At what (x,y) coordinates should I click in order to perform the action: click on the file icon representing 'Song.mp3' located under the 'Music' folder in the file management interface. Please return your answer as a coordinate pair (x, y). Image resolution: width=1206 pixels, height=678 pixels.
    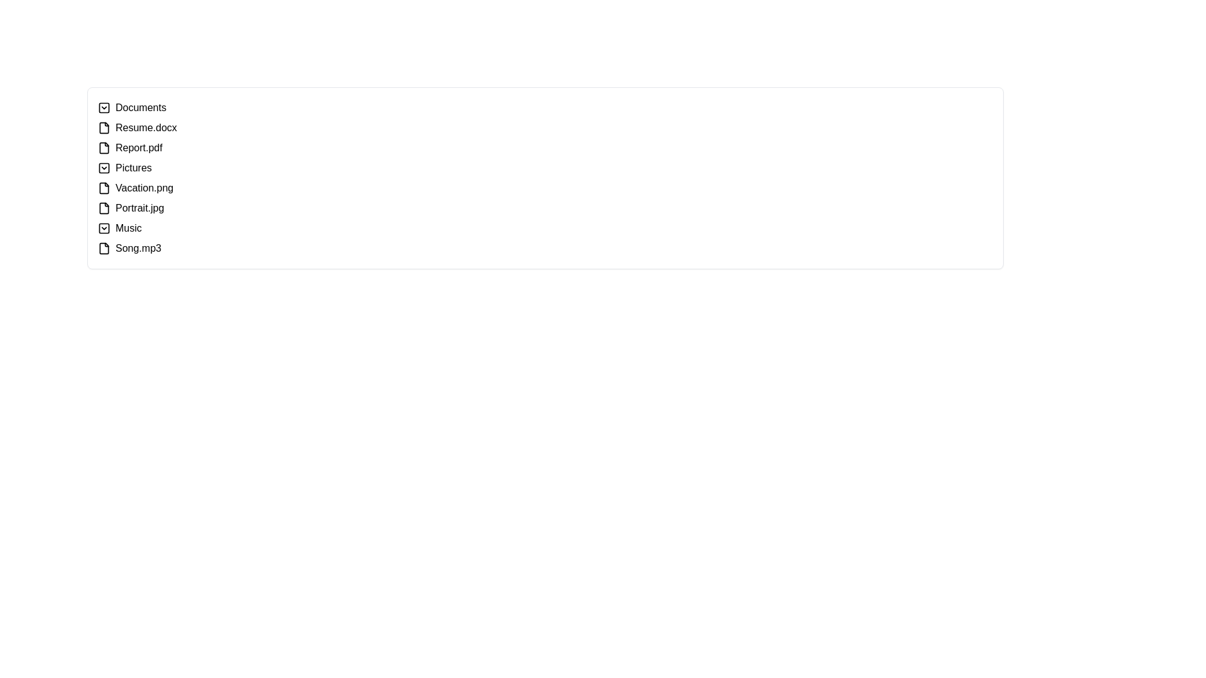
    Looking at the image, I should click on (104, 249).